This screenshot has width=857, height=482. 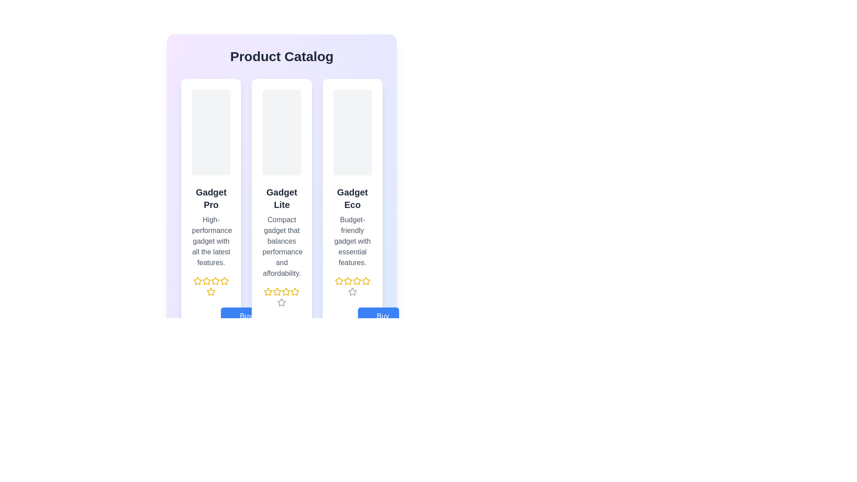 What do you see at coordinates (231, 322) in the screenshot?
I see `the 'Buy Now' button icon representing the action of adding a product to the cart for 'Gadget Pro', located to the left of the 'Buy Now' text label` at bounding box center [231, 322].